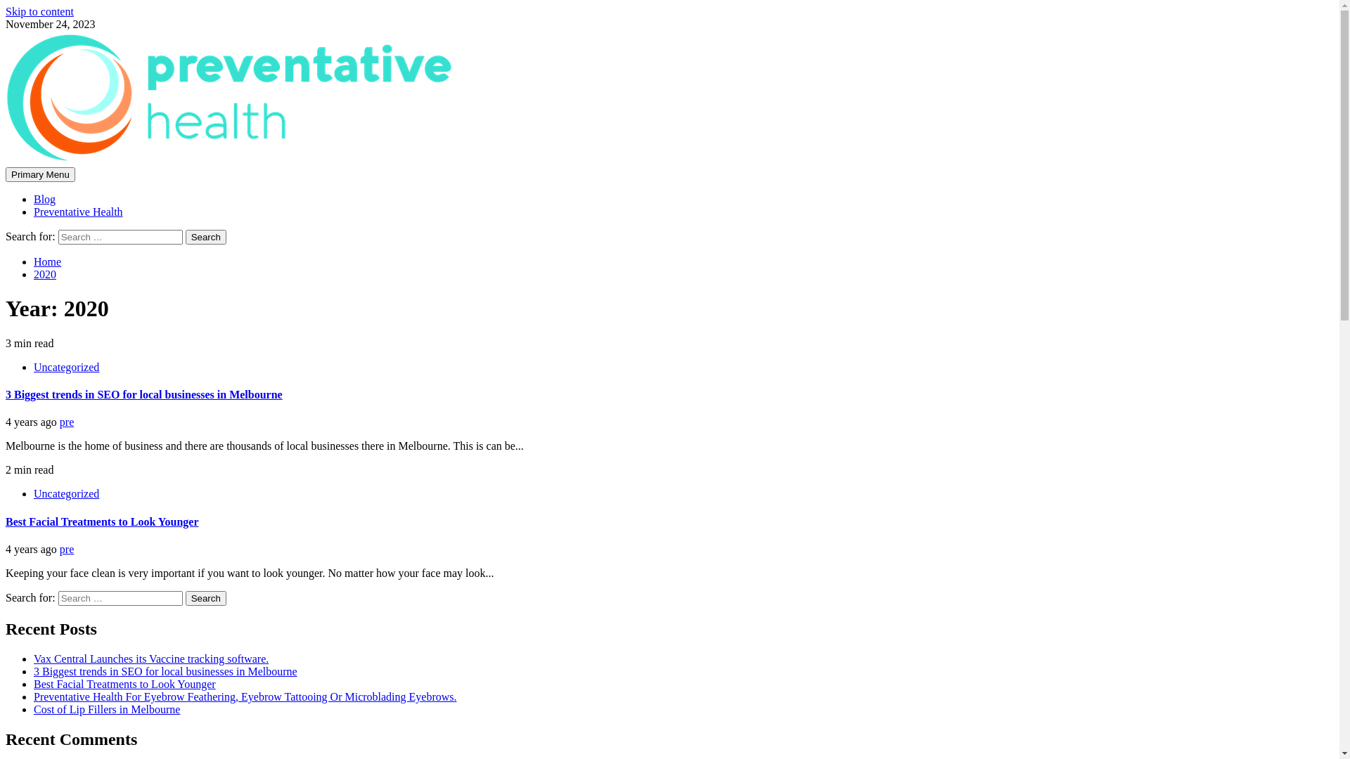 Image resolution: width=1350 pixels, height=759 pixels. I want to click on 'Search', so click(205, 236).